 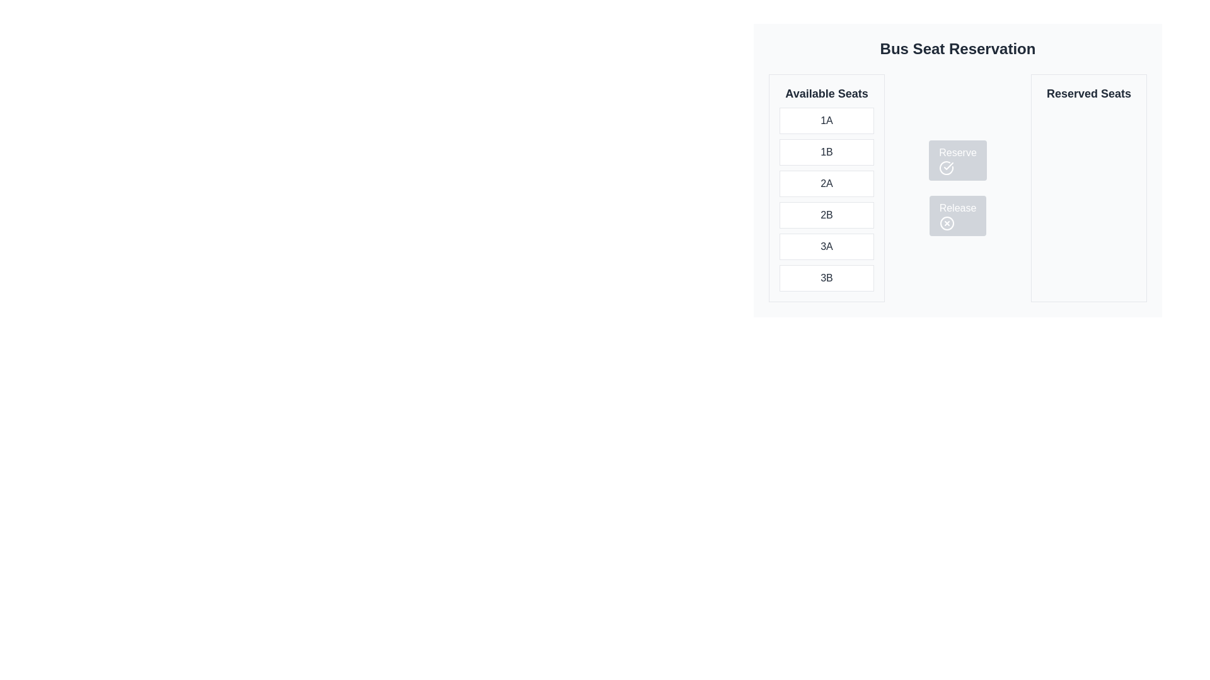 I want to click on the button representing bus seat '2B', which is located in the 'Available Seats' section and is the fourth button in a vertical list of six options, so click(x=826, y=215).